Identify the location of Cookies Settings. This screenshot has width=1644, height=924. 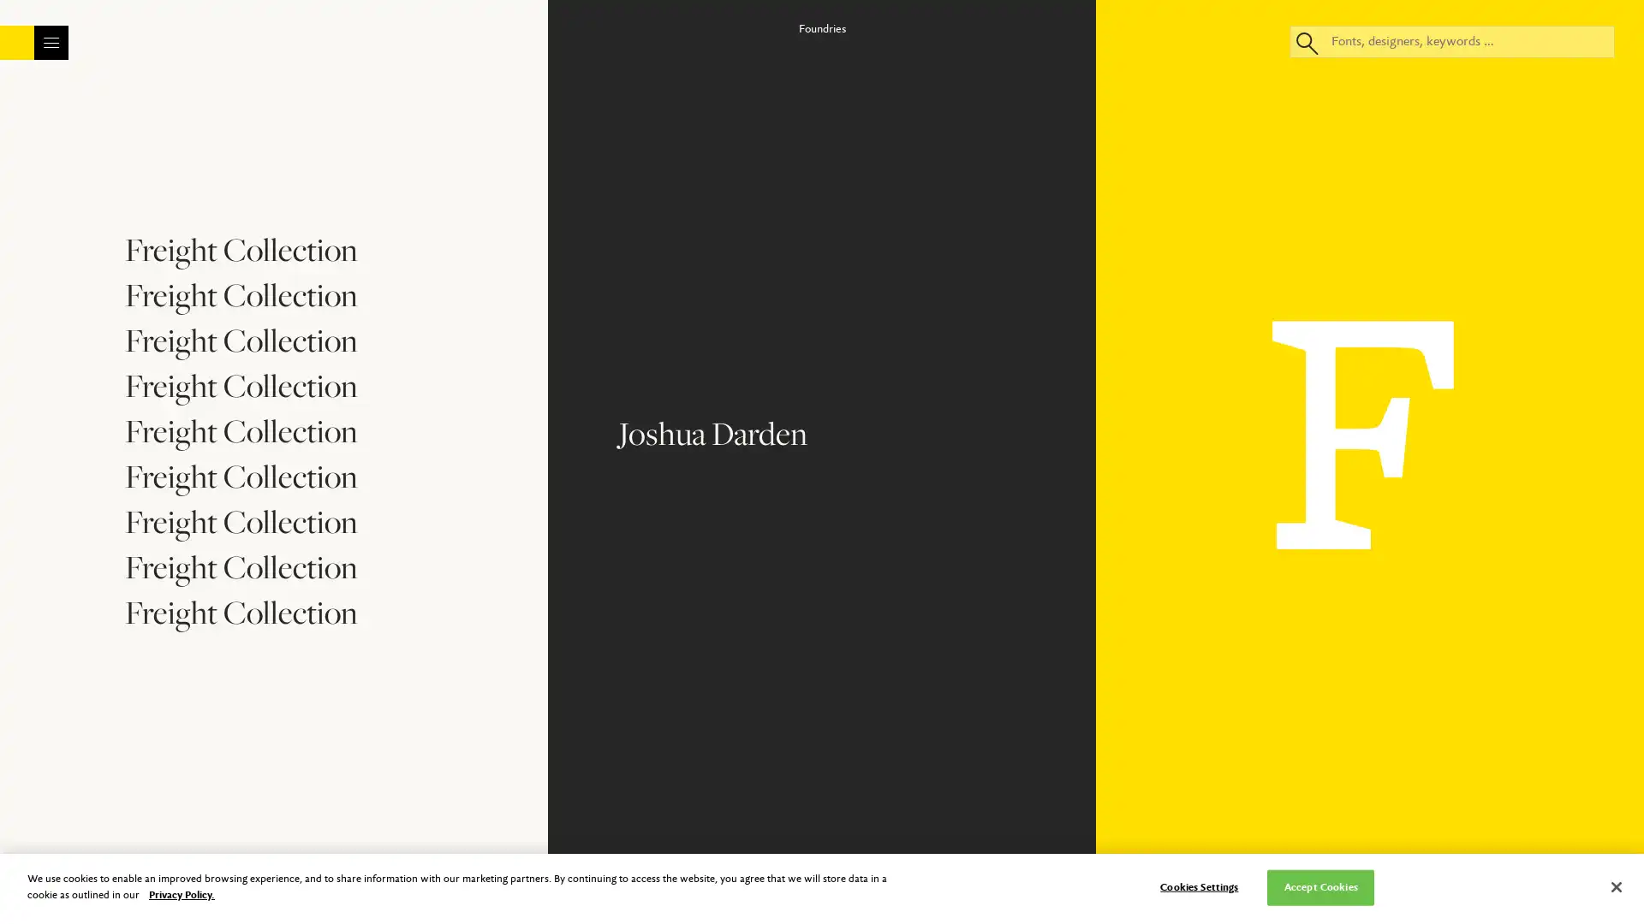
(1198, 886).